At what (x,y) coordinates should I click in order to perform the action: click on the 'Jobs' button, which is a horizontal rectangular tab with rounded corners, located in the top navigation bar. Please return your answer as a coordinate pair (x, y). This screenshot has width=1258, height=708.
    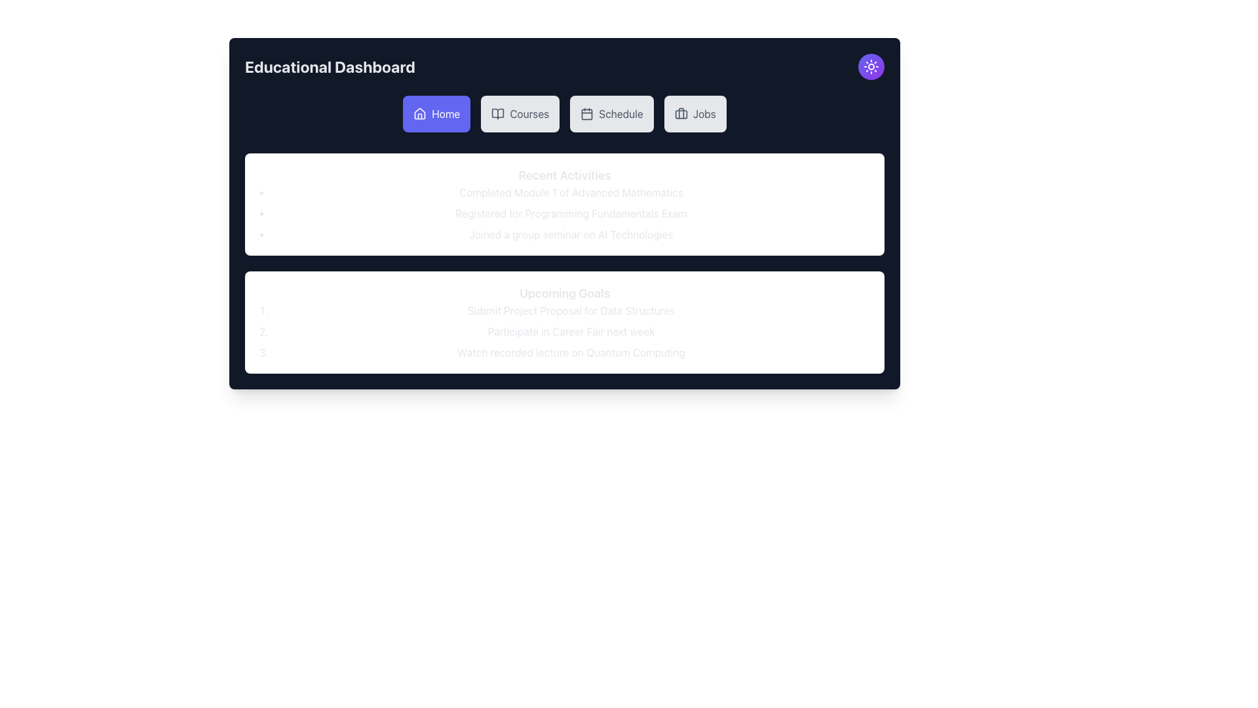
    Looking at the image, I should click on (694, 113).